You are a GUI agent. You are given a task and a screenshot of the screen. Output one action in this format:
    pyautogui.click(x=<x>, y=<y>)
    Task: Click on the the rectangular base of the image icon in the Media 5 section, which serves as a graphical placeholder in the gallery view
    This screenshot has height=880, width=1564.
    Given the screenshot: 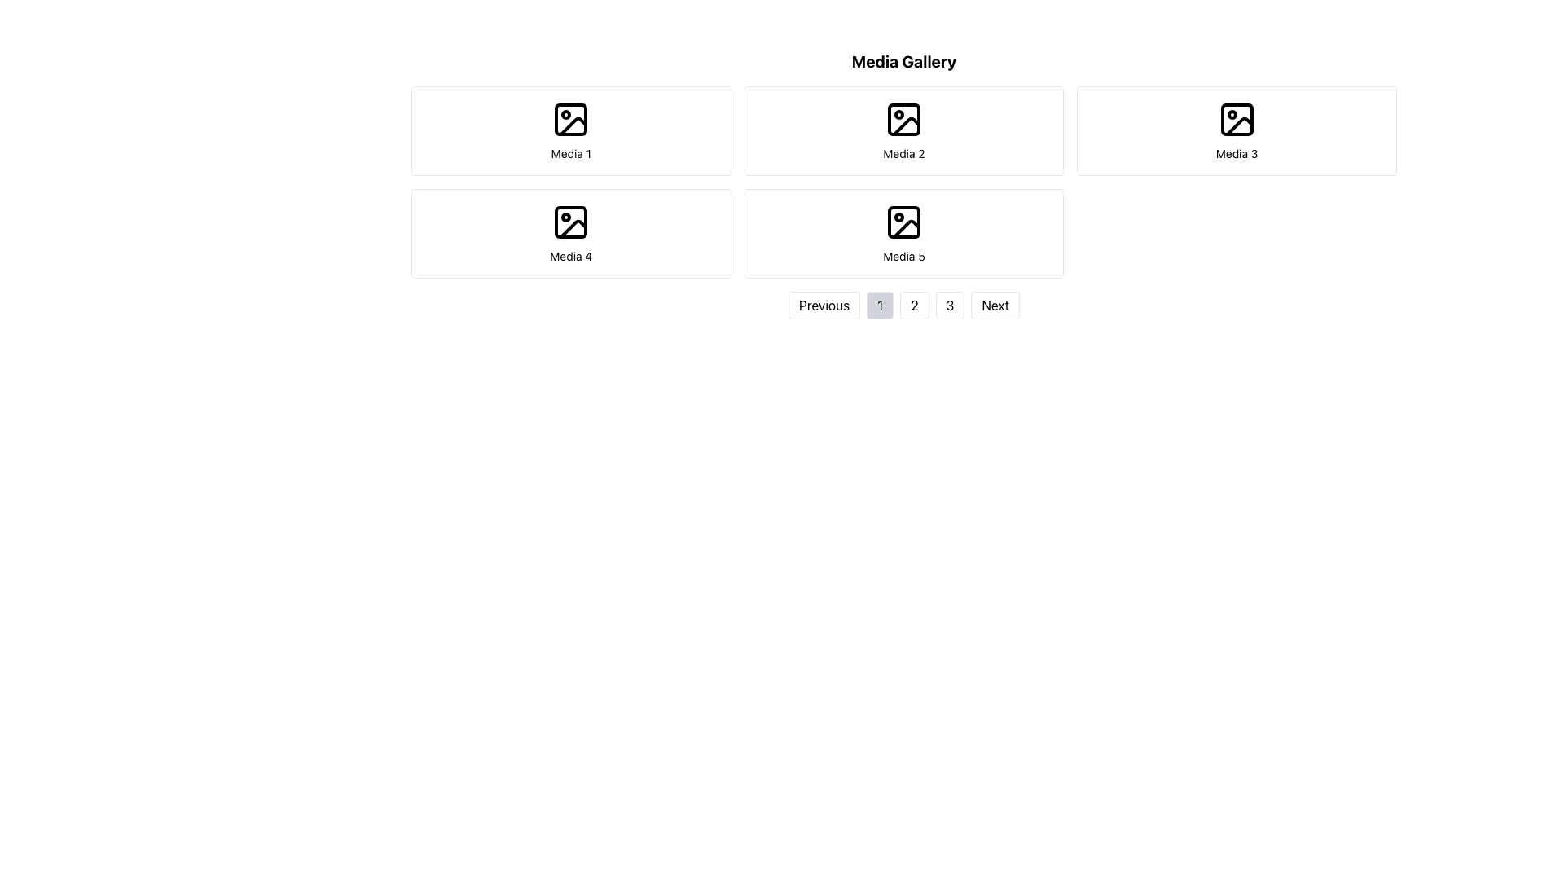 What is the action you would take?
    pyautogui.click(x=903, y=222)
    